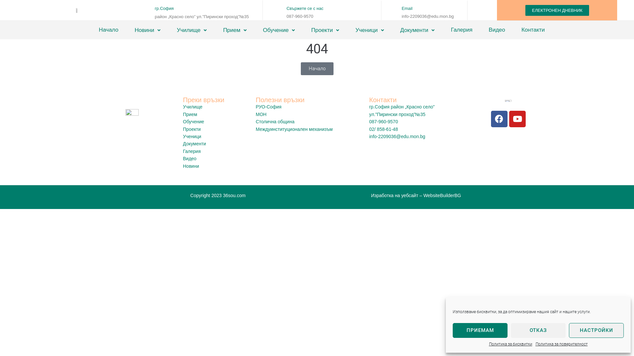 The width and height of the screenshot is (634, 356). Describe the element at coordinates (218, 195) in the screenshot. I see `'Copyright 2023 36sou.com'` at that location.